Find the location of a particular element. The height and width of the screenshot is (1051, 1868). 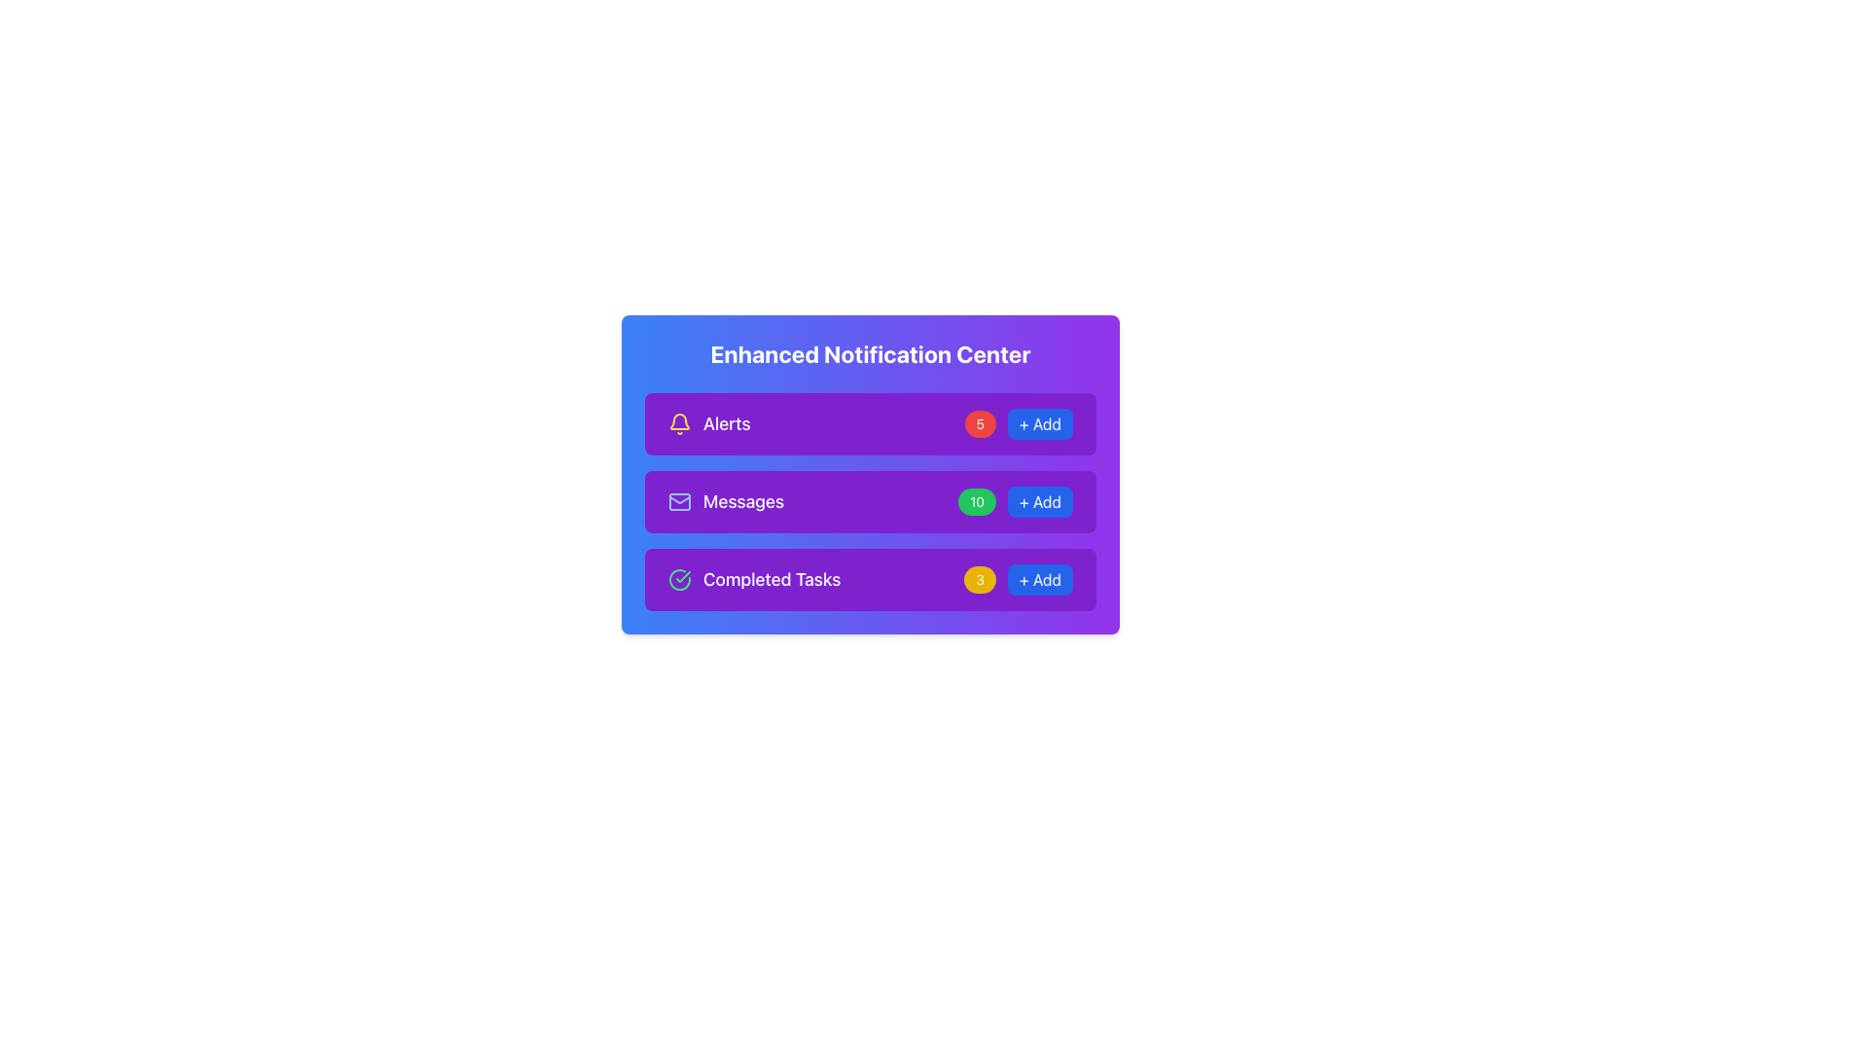

text label that identifies the notification category 'Alerts', located in the first row of the notification list, right of the yellow bell icon and left of the red badge is located at coordinates (726, 422).